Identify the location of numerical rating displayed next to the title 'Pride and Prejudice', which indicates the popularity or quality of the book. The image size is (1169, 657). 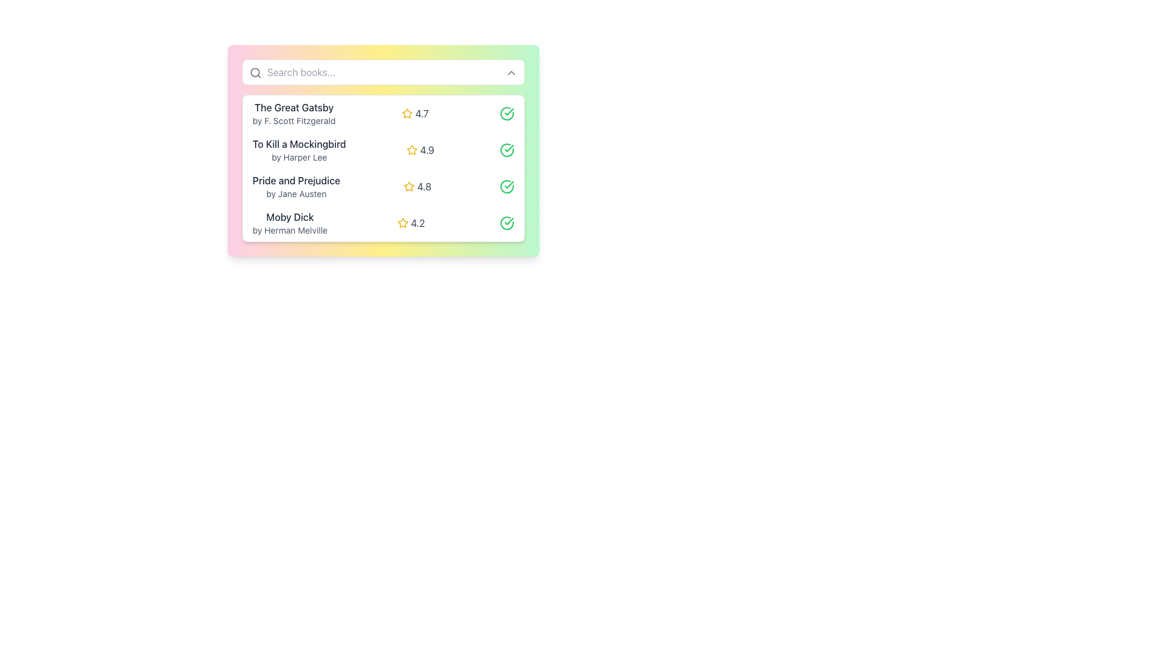
(424, 187).